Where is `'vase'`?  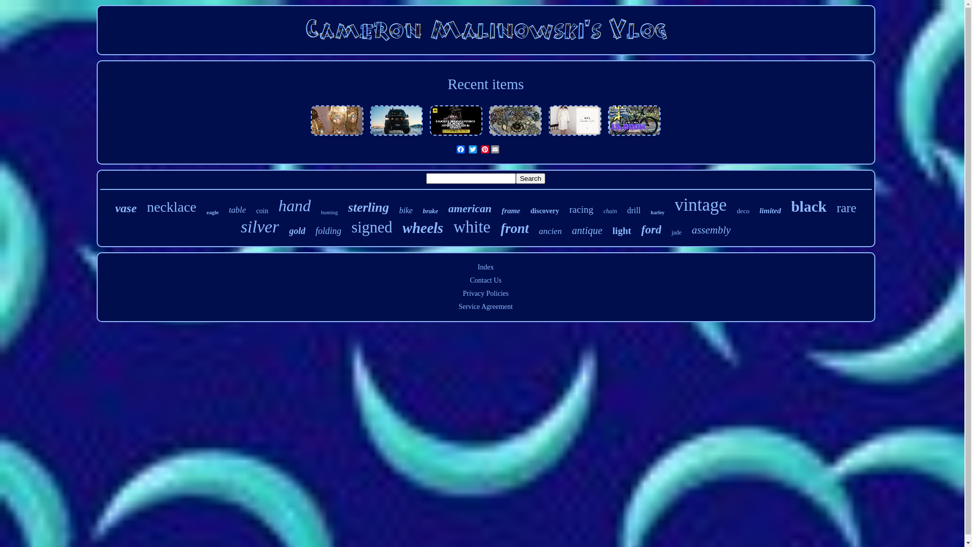 'vase' is located at coordinates (114, 208).